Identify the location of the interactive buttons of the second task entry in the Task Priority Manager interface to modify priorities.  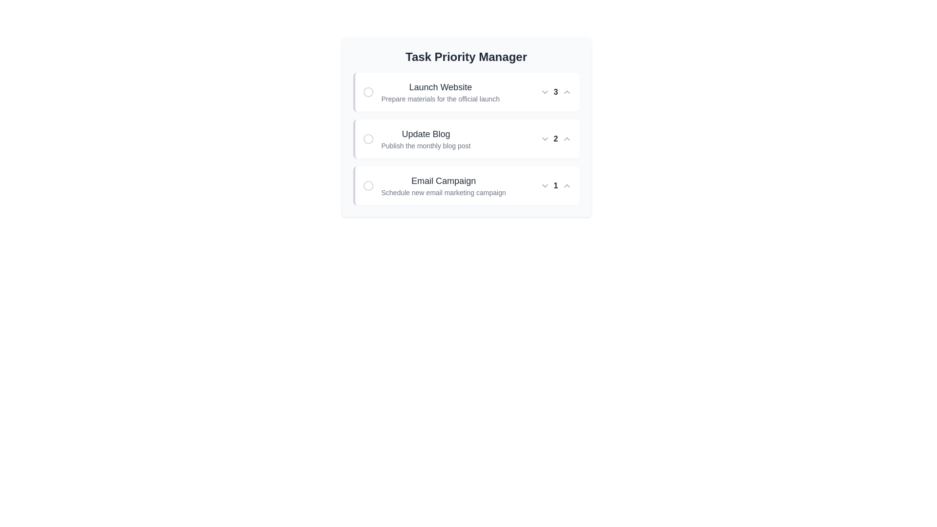
(466, 127).